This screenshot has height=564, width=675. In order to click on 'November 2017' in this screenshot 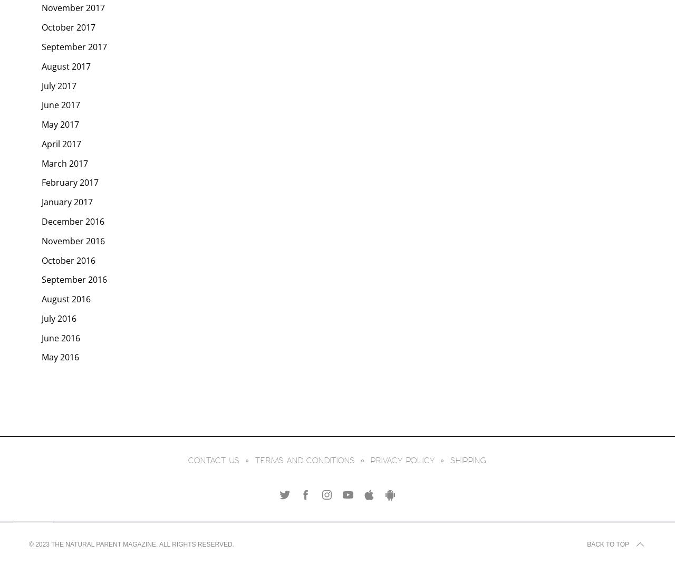, I will do `click(73, 7)`.